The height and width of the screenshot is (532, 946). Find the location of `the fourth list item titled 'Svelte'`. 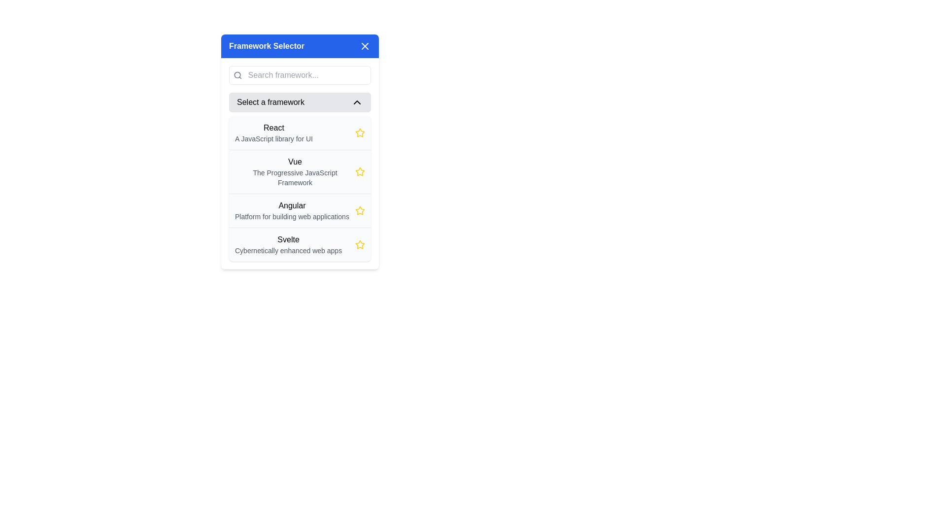

the fourth list item titled 'Svelte' is located at coordinates (300, 244).